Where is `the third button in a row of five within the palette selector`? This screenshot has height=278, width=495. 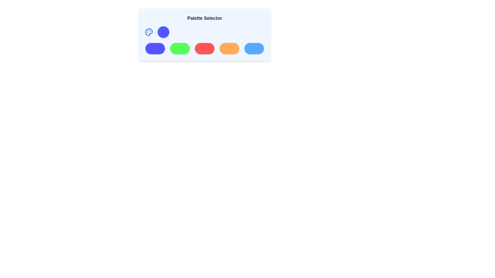
the third button in a row of five within the palette selector is located at coordinates (204, 49).